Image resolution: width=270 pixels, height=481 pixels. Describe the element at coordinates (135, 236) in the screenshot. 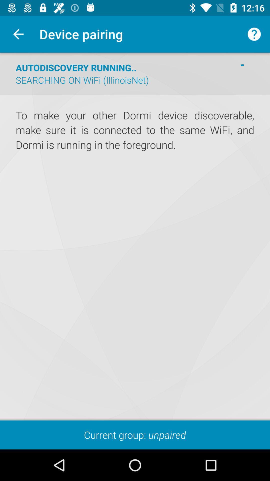

I see `the item above current group: unpaired item` at that location.